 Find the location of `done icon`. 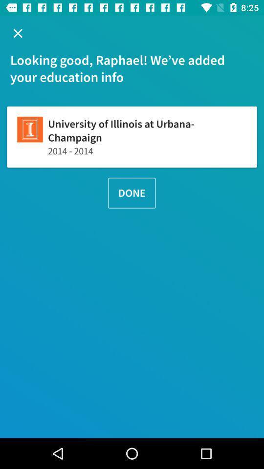

done icon is located at coordinates (132, 192).